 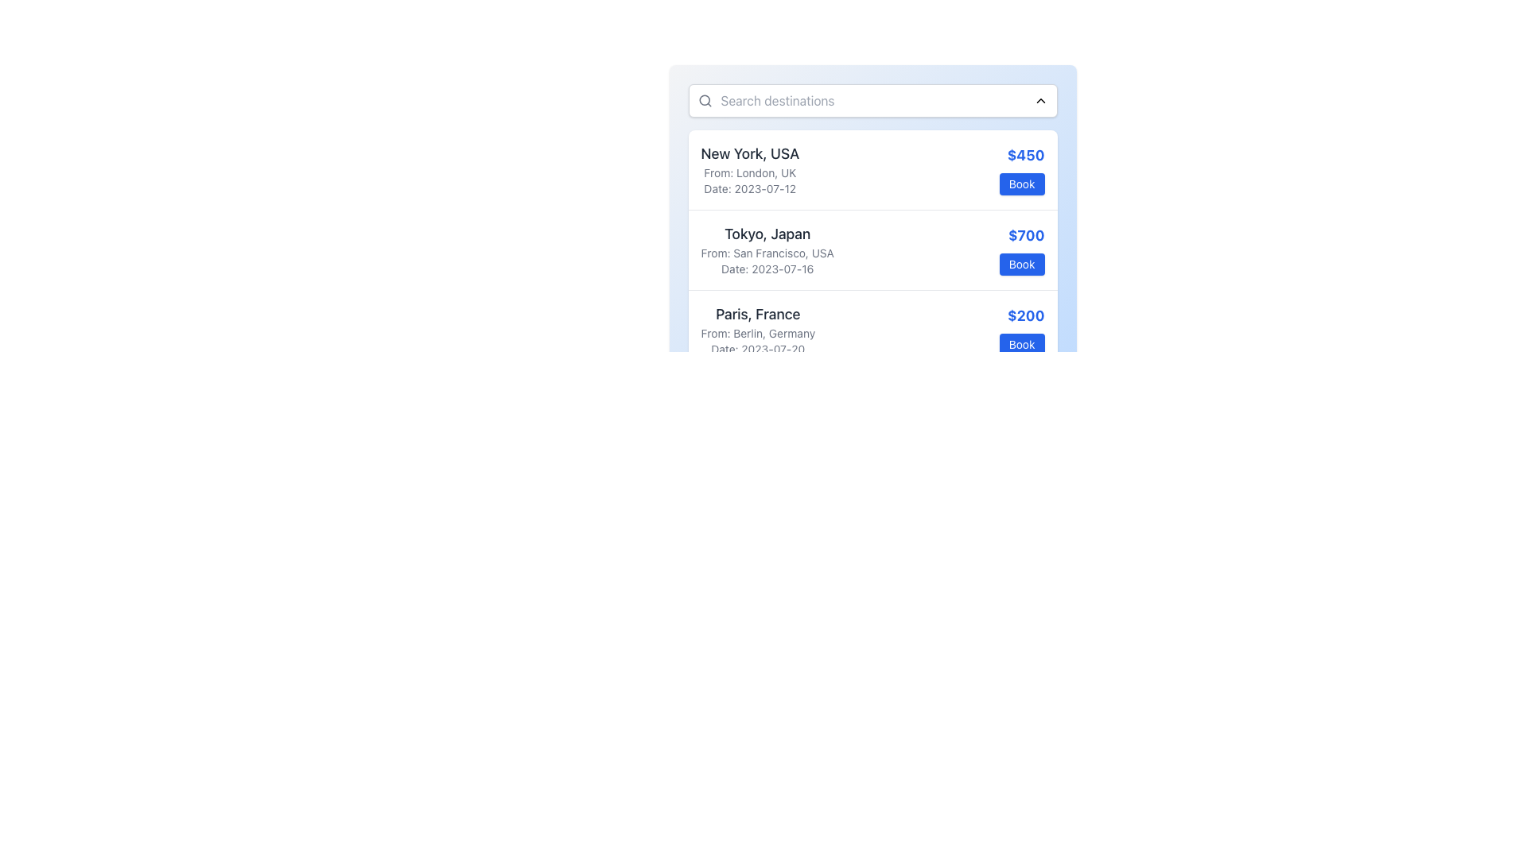 What do you see at coordinates (749, 173) in the screenshot?
I see `information provided in the text label indicating the origin city and country, which displays 'London, UK', located beneath 'New York, USA' and above 'Date: 2023-07-12'` at bounding box center [749, 173].